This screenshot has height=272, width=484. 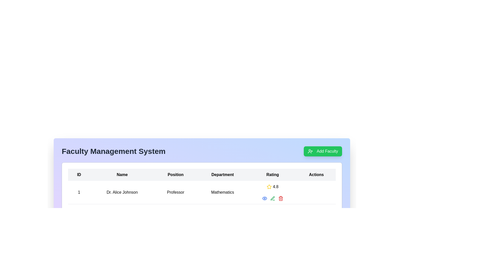 I want to click on the 'Rating' text label, which is the fifth column header in the table's header row, positioned prominently with padding and aligned within the structured interface, so click(x=272, y=175).